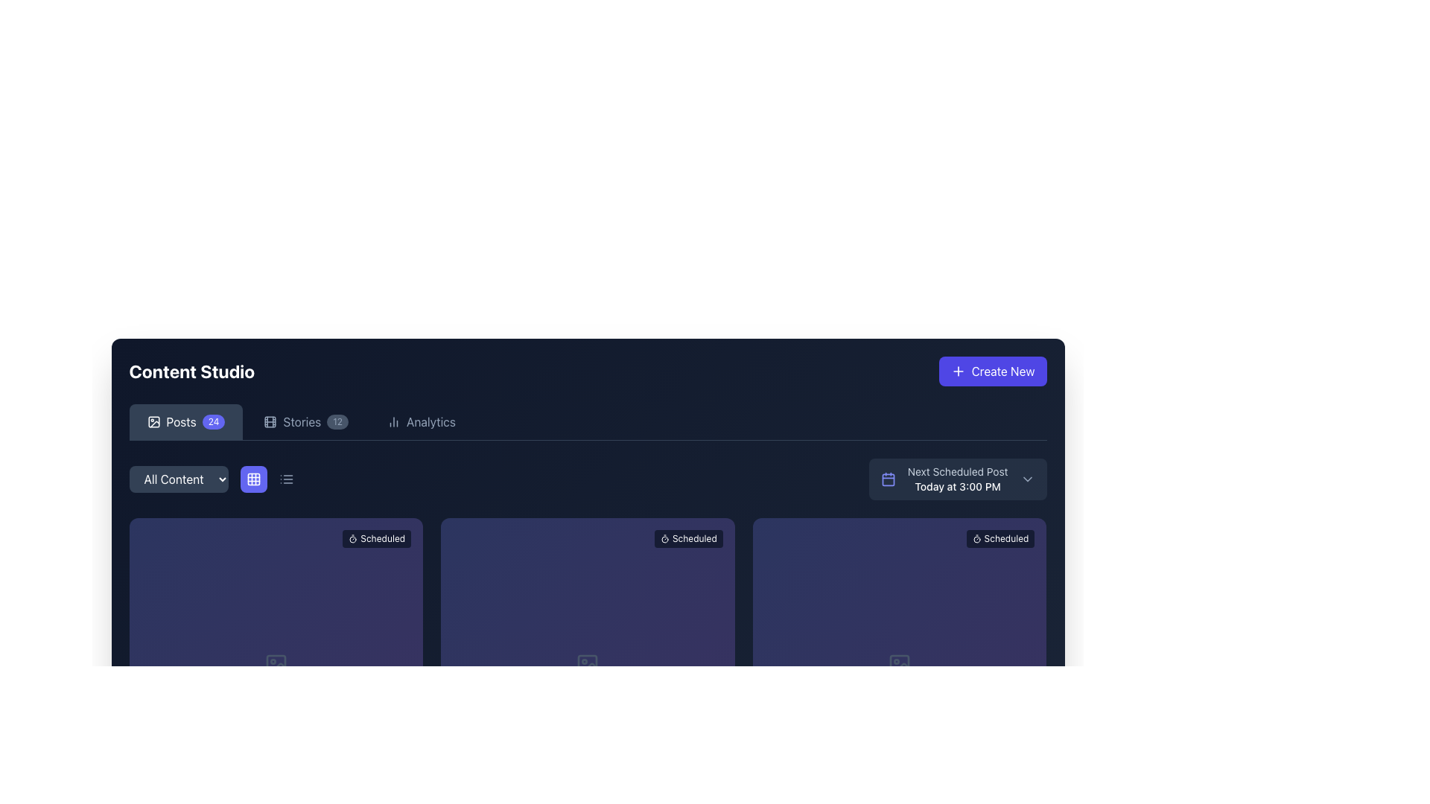 The width and height of the screenshot is (1430, 804). I want to click on the text label displaying 'Today at 3:00 PM', which provides information about the next scheduled post's date and time, located beneath 'Next Scheduled Post' in the top-right section of the interface, so click(958, 487).